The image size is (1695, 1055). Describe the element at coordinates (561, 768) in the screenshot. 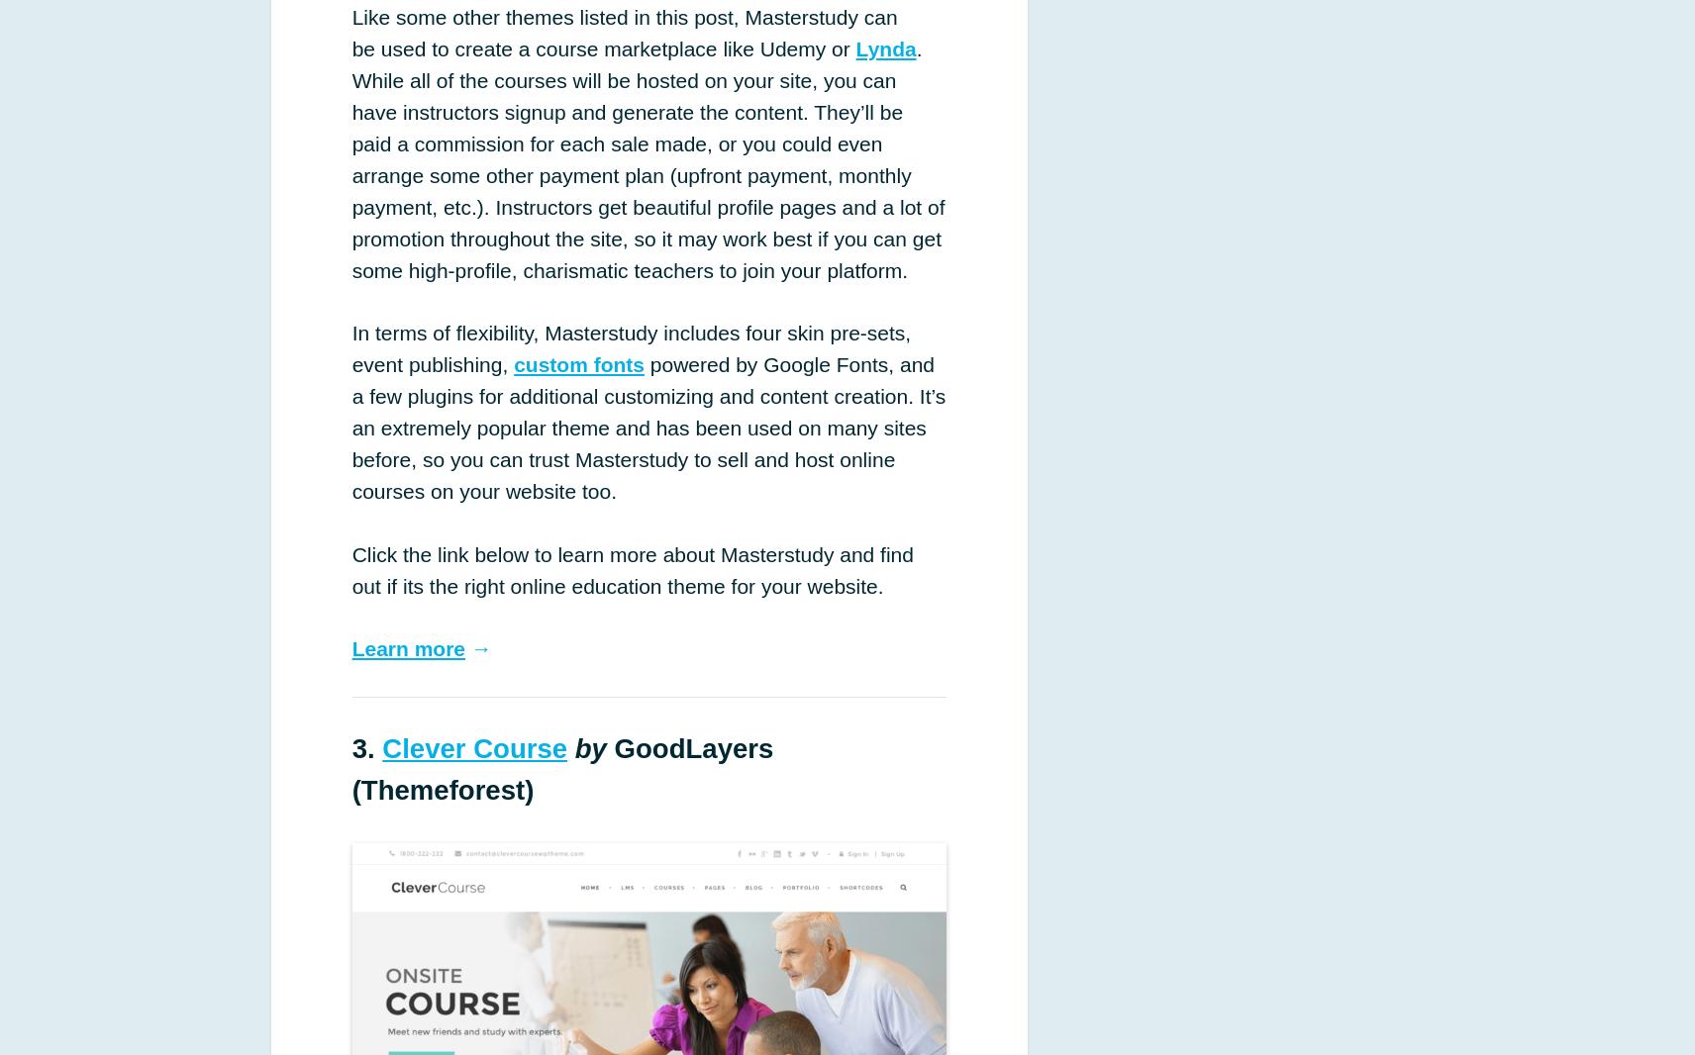

I see `'GoodLayers (Themeforest)'` at that location.